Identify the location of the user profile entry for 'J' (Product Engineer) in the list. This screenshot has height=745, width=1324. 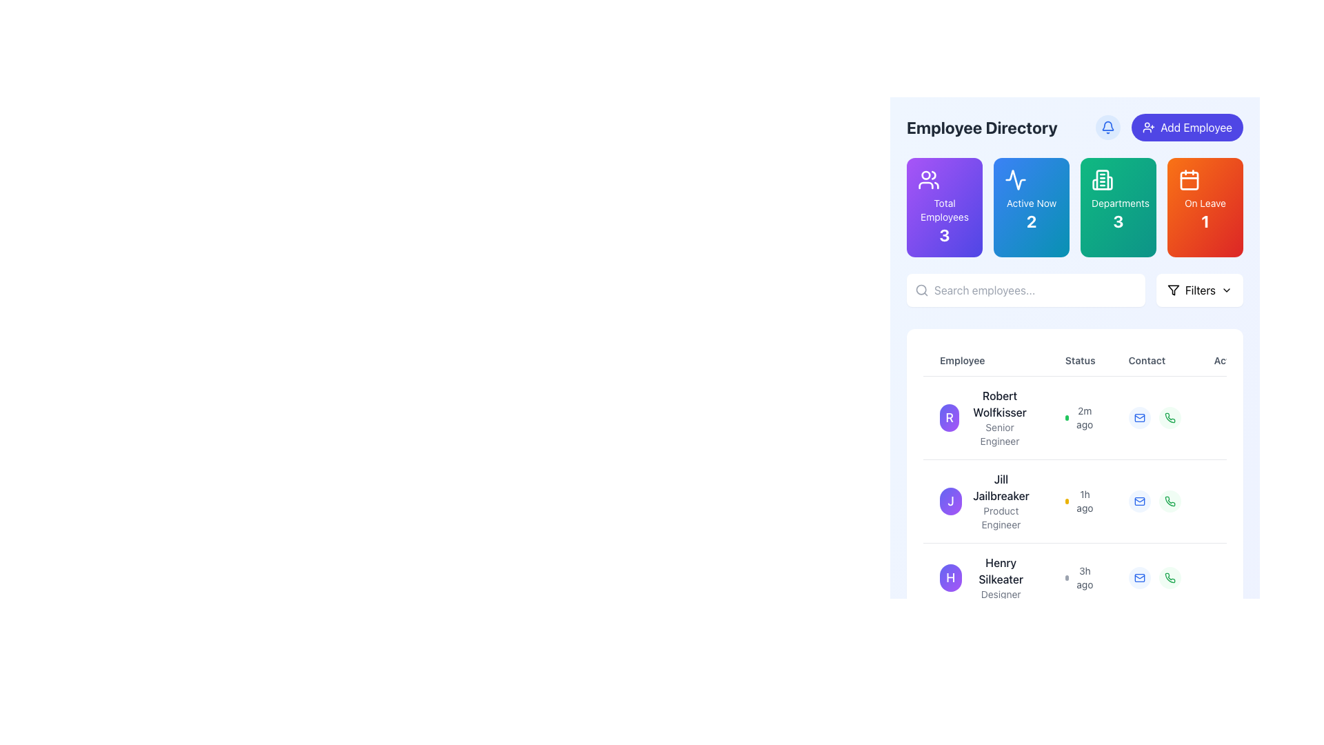
(1094, 501).